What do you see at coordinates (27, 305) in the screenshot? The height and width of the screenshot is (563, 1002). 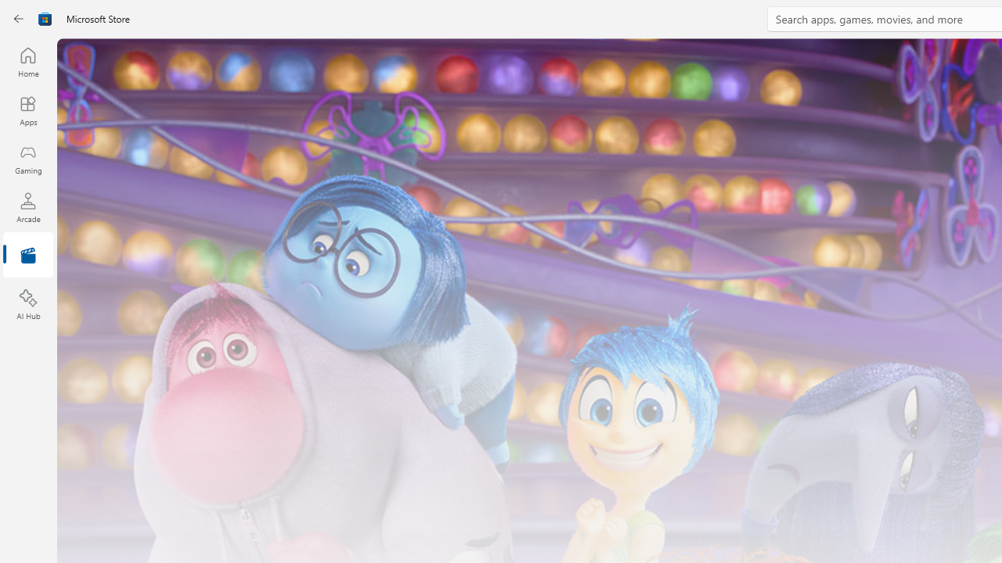 I see `'AI Hub'` at bounding box center [27, 305].